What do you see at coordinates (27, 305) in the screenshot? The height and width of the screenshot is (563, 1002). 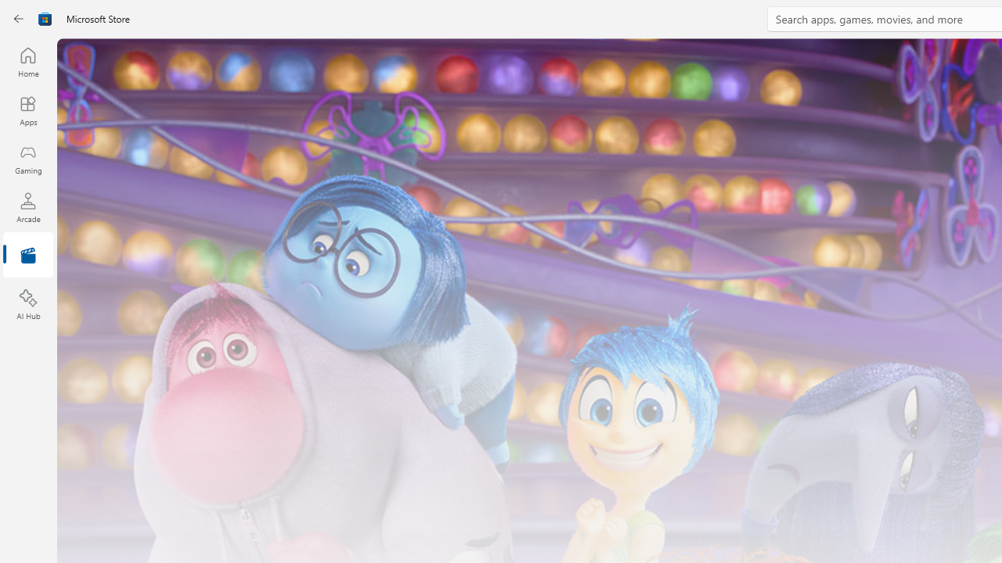 I see `'AI Hub'` at bounding box center [27, 305].